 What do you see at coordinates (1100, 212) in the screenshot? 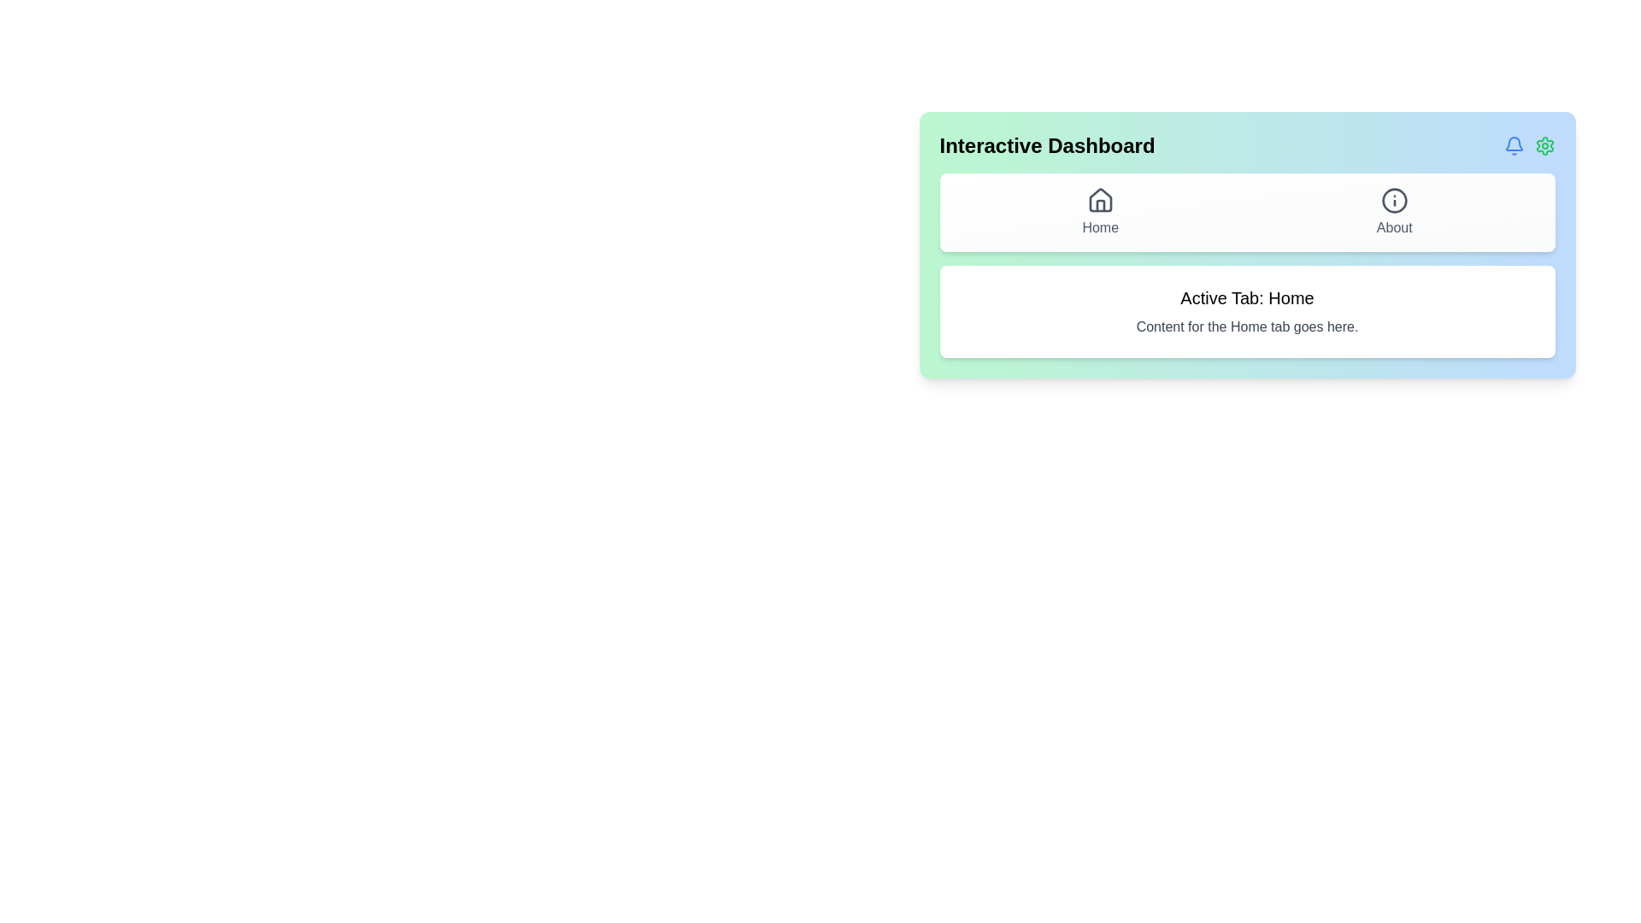
I see `the navigation button located on the left side of the navigation bar` at bounding box center [1100, 212].